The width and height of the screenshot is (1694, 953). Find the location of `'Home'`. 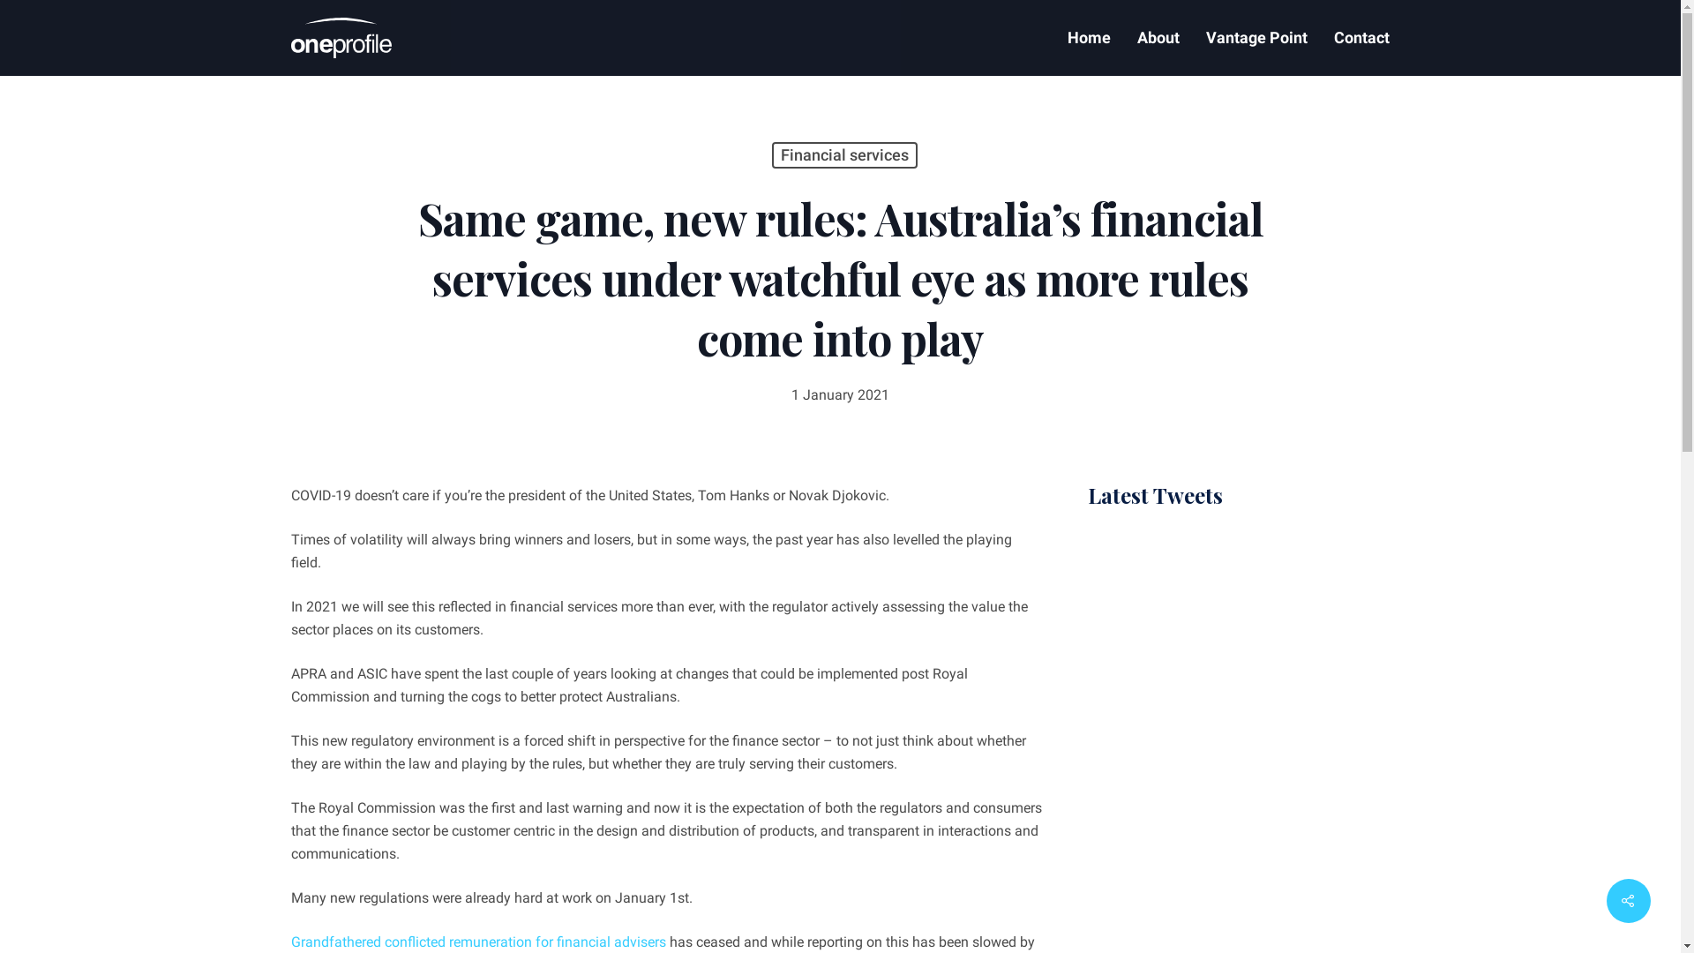

'Home' is located at coordinates (1088, 37).